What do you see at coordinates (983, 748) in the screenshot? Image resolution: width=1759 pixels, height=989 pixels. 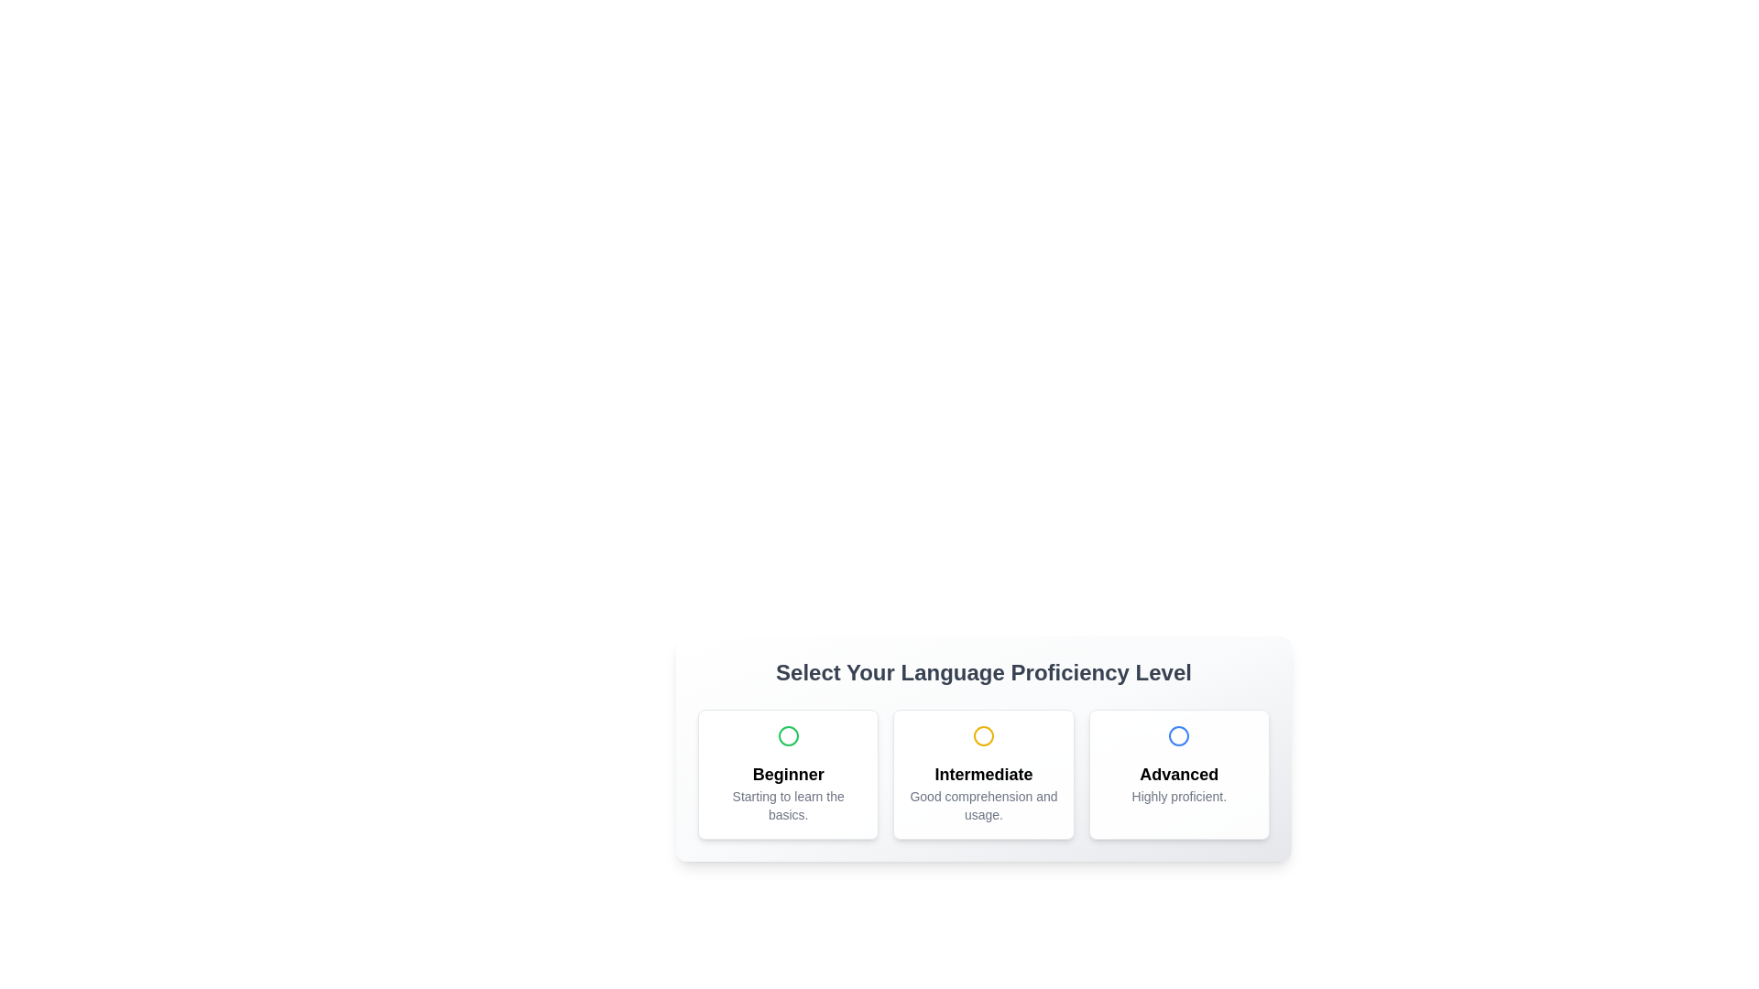 I see `the 'Intermediate' language proficiency selection card, which features a yellow circular icon at the top and is styled with a white background and rounded corners, to confirm the selection` at bounding box center [983, 748].